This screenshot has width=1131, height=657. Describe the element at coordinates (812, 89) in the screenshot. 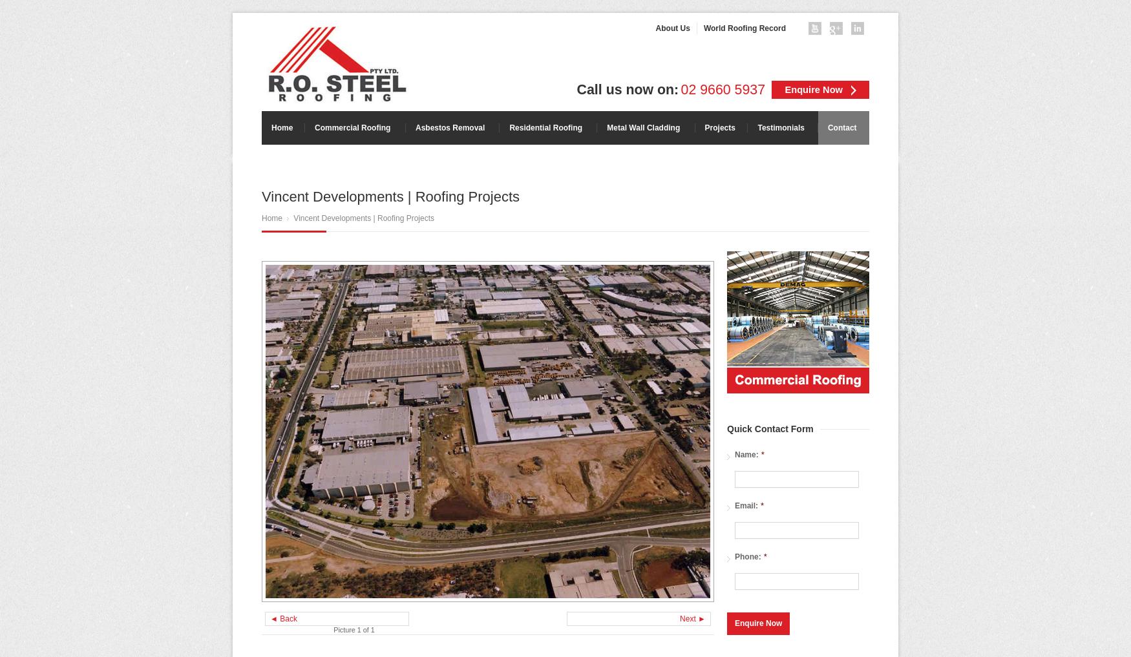

I see `'Enquire Now'` at that location.